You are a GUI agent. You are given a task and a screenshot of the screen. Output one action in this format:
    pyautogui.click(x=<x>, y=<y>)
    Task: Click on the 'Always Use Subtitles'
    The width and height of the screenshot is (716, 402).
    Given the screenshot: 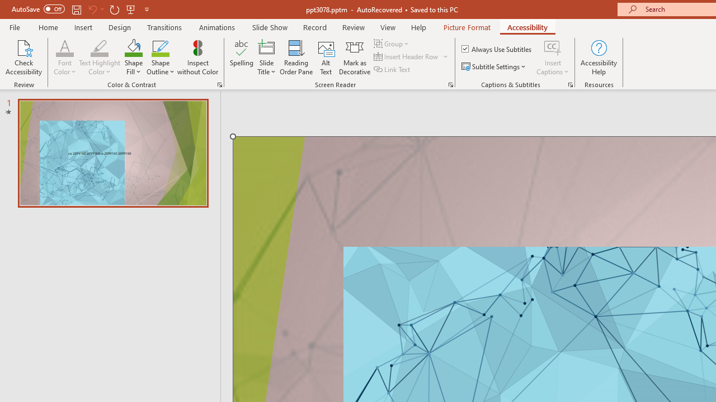 What is the action you would take?
    pyautogui.click(x=497, y=48)
    